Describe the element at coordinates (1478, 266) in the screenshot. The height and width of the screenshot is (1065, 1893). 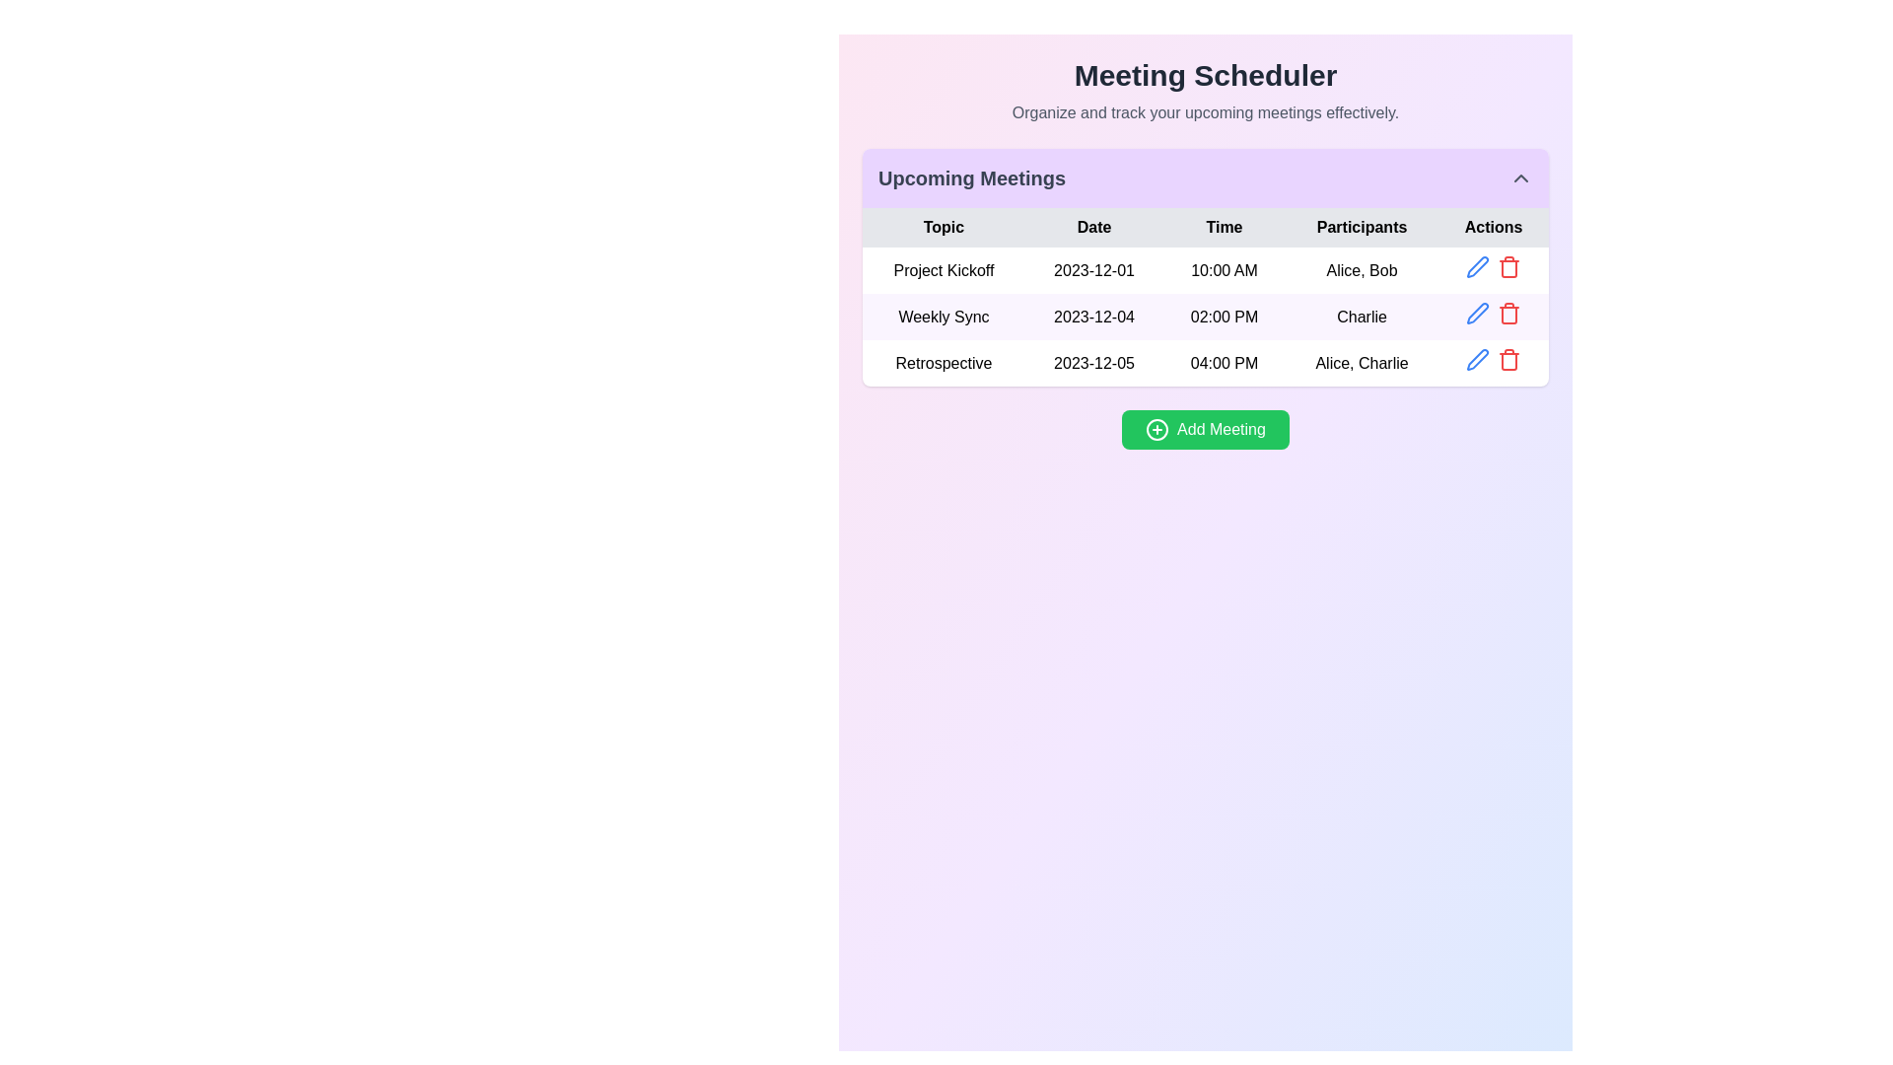
I see `the edit icon (pen) located in the 'Actions' column of the table for the meeting titled 'Weekly Sync' to modify the meeting details` at that location.